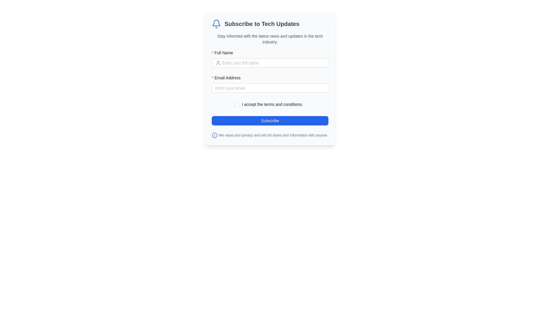 The image size is (560, 315). Describe the element at coordinates (216, 23) in the screenshot. I see `the bell icon that signifies notifications, located to the left of the text 'Subscribe to Tech Updates'` at that location.